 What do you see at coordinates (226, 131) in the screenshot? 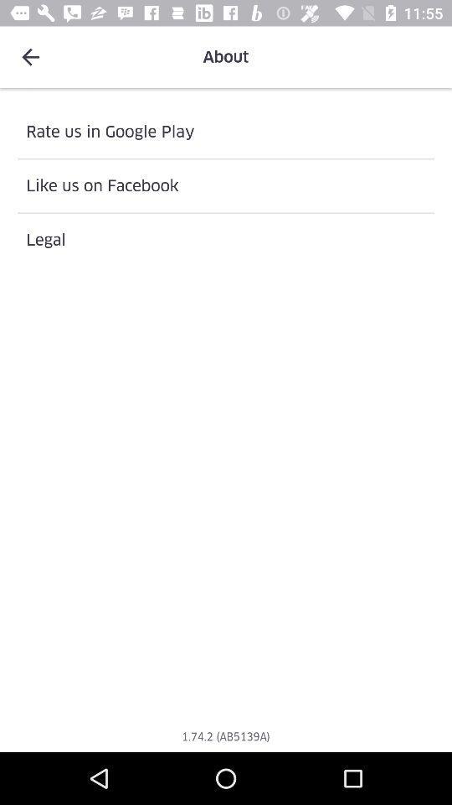
I see `rate us in icon` at bounding box center [226, 131].